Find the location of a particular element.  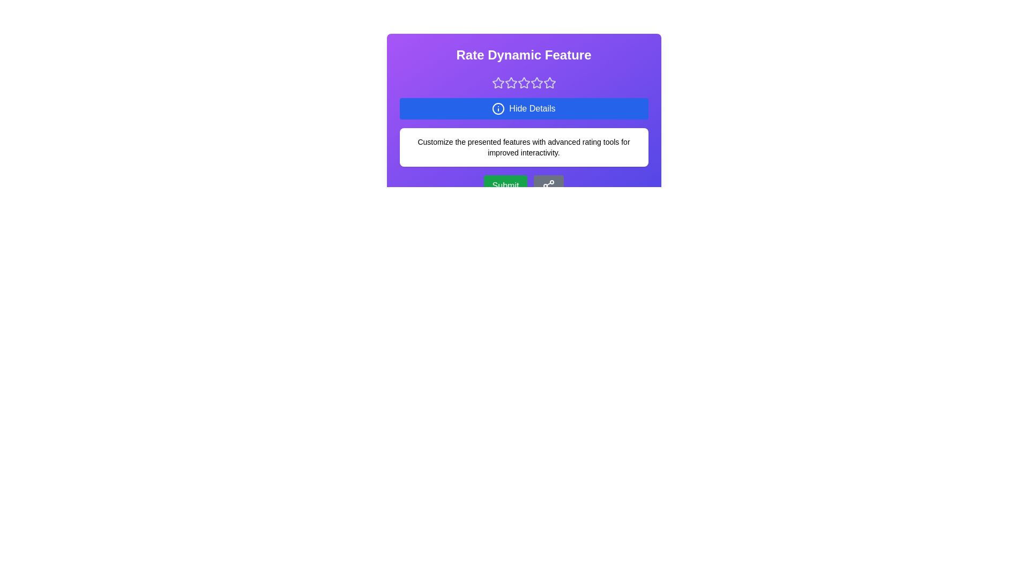

the details section to highlight it is located at coordinates (524, 147).